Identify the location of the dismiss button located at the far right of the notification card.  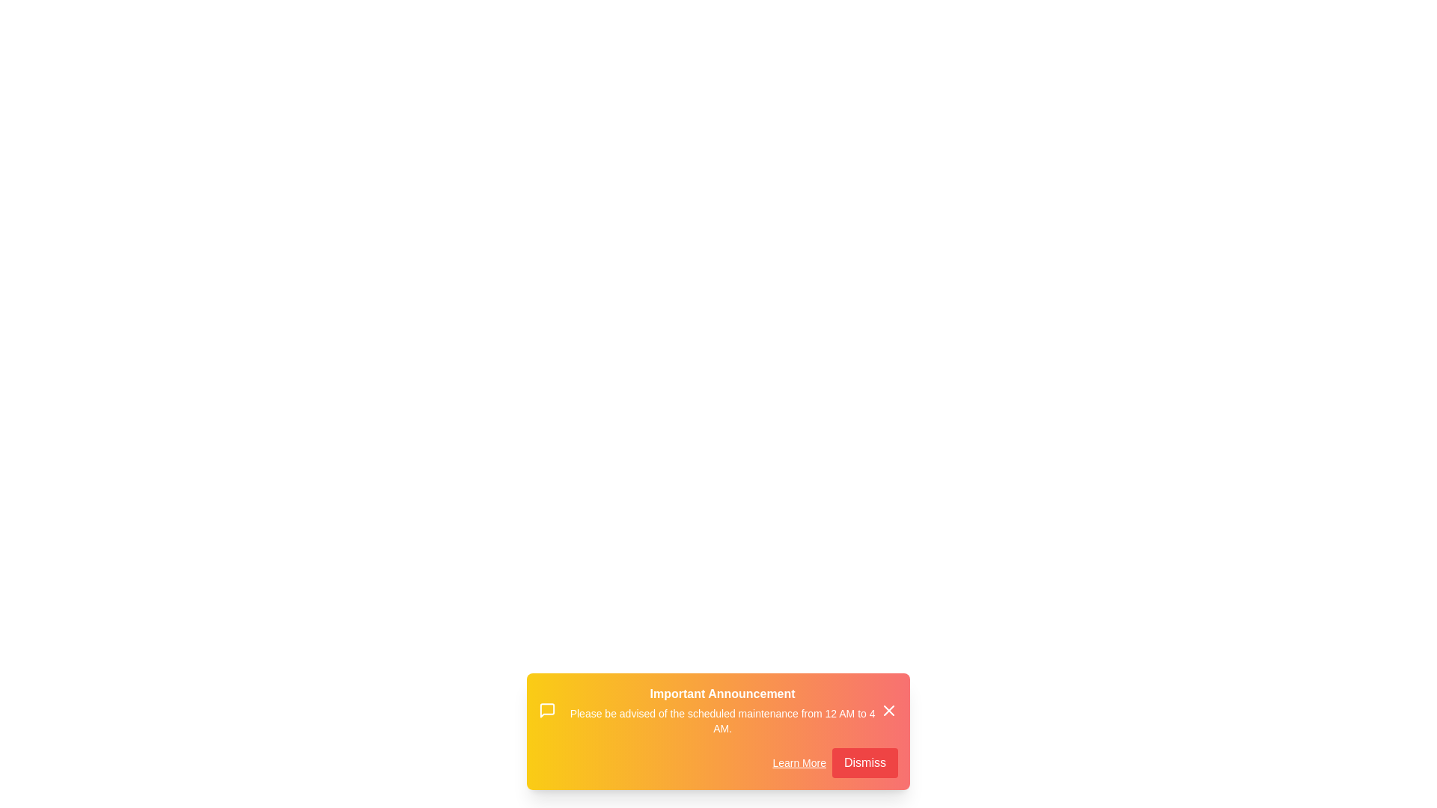
(889, 709).